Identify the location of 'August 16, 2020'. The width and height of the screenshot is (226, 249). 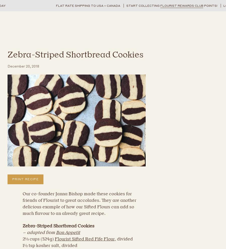
(61, 118).